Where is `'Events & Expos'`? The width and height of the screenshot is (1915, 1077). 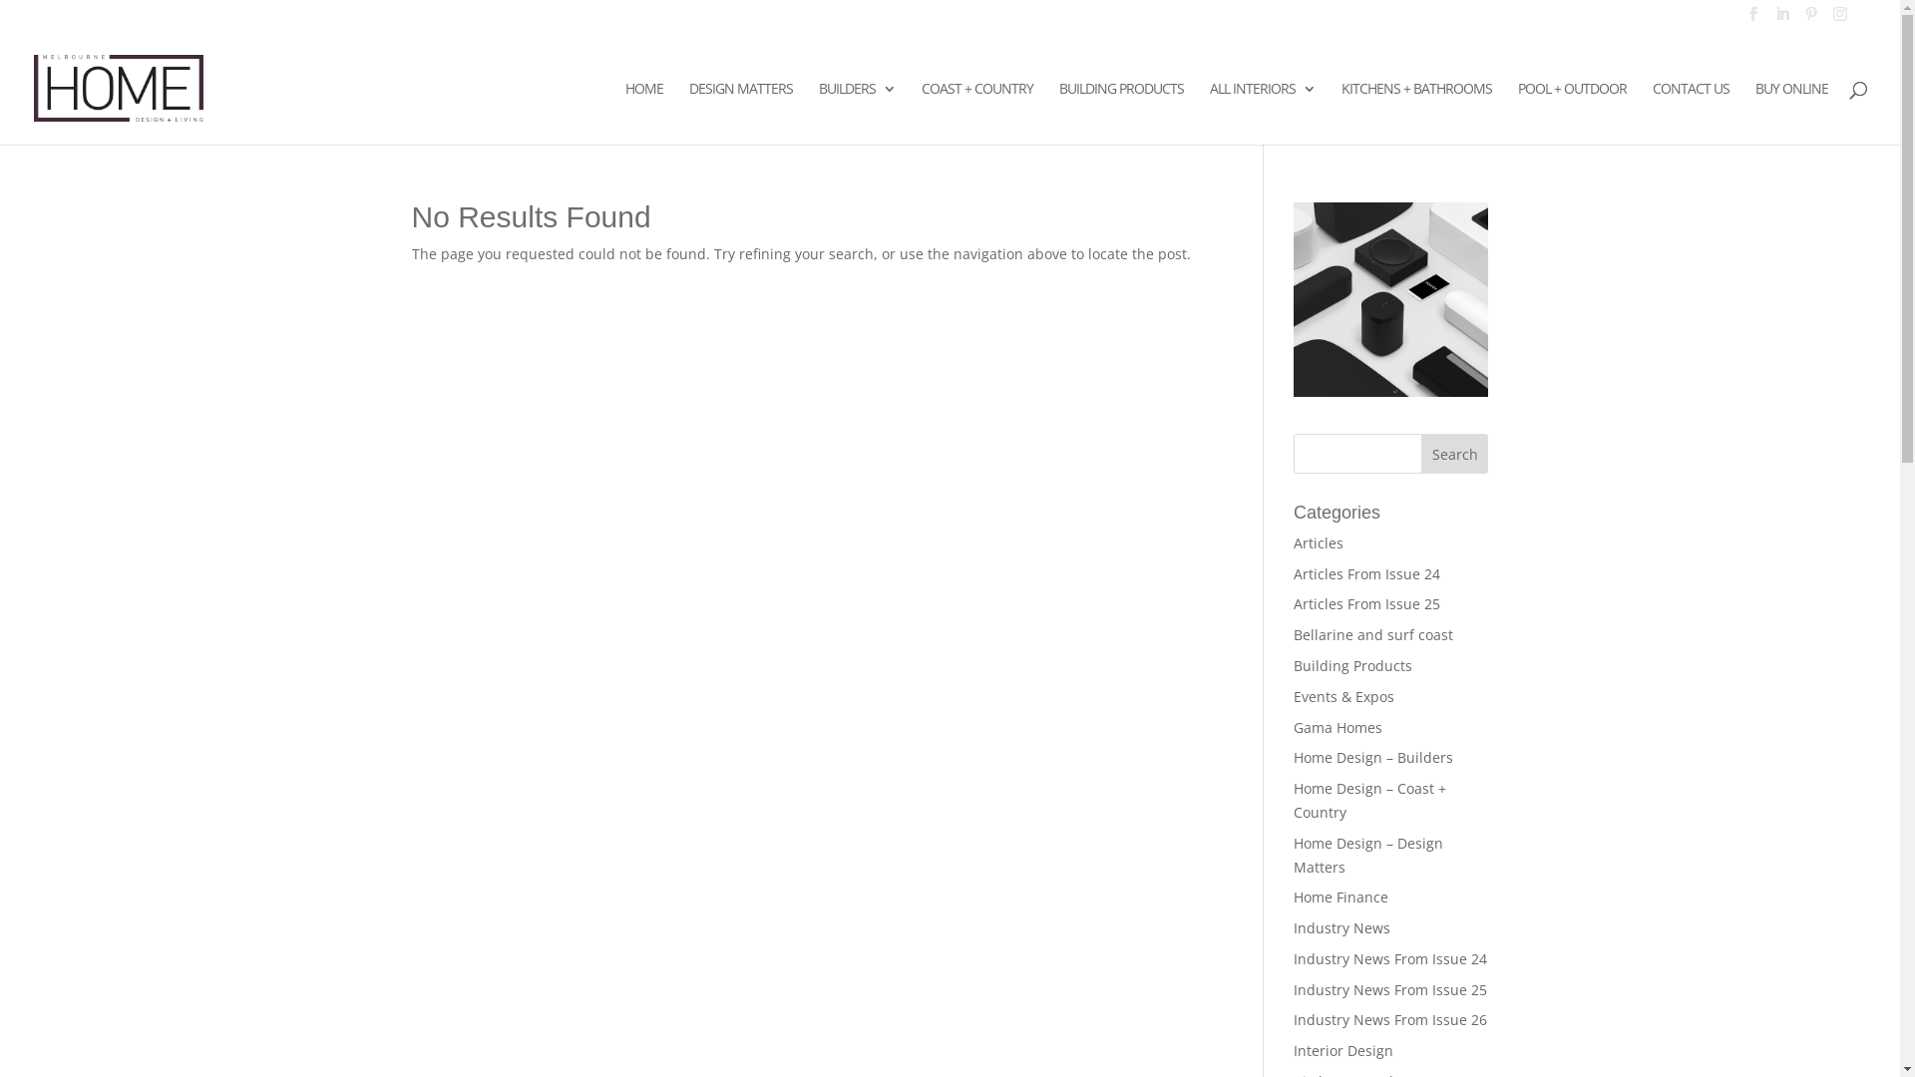 'Events & Expos' is located at coordinates (1343, 695).